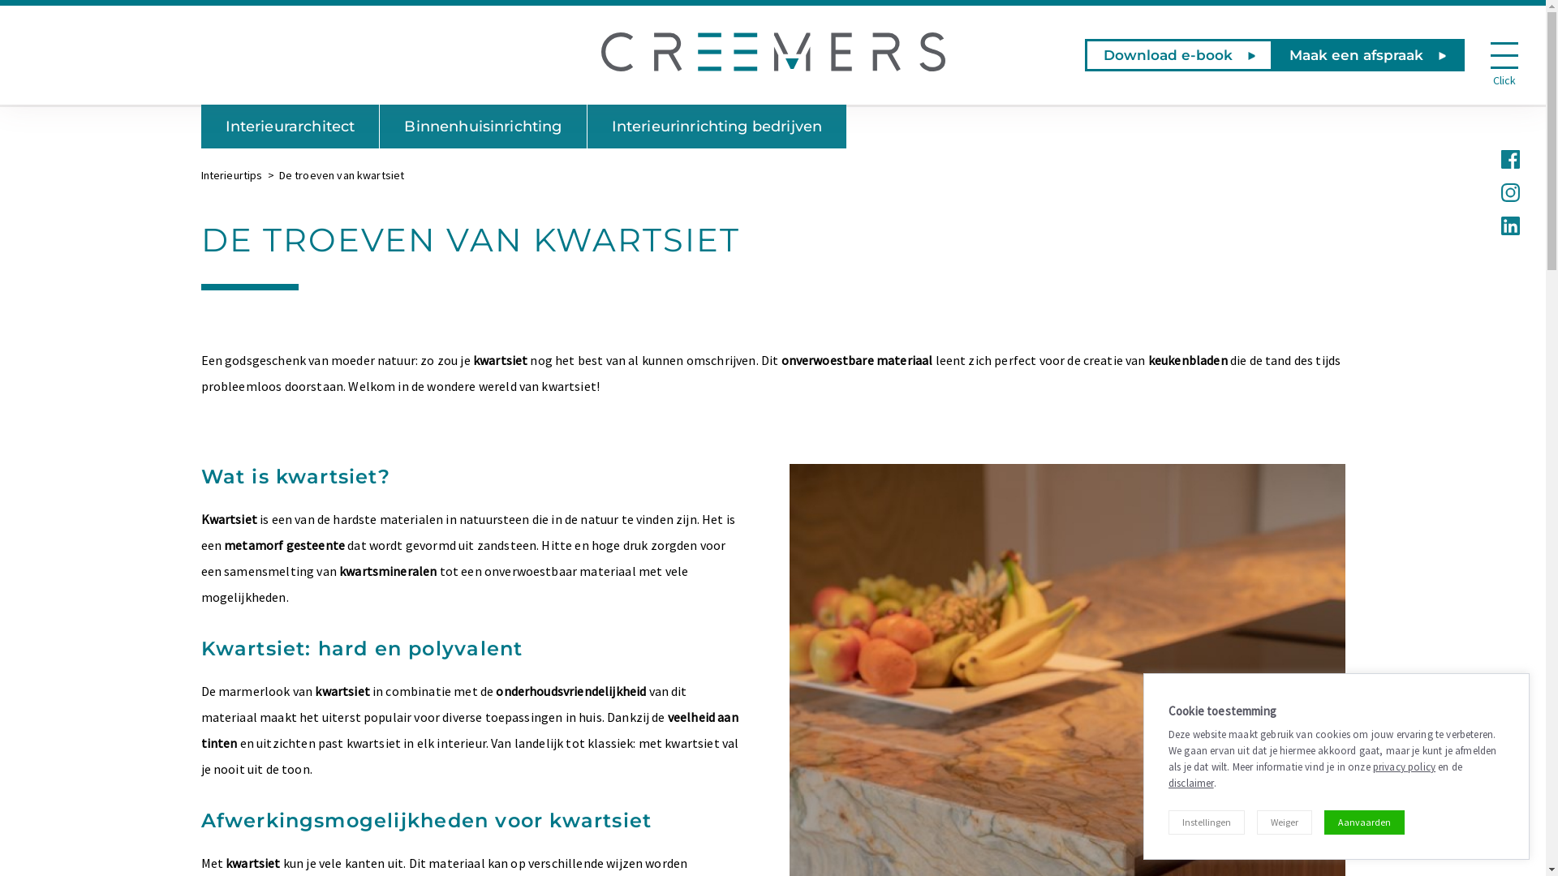  I want to click on 'instagram', so click(1508, 190).